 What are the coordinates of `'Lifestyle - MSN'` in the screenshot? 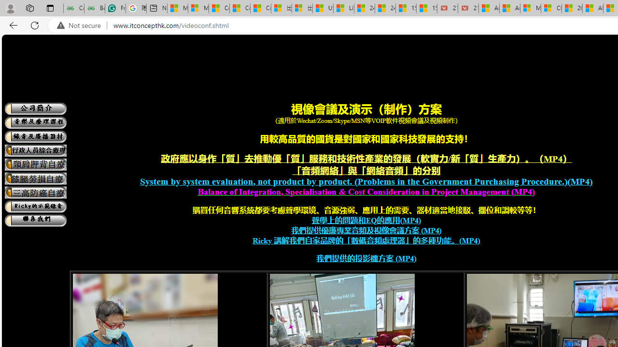 It's located at (344, 8).